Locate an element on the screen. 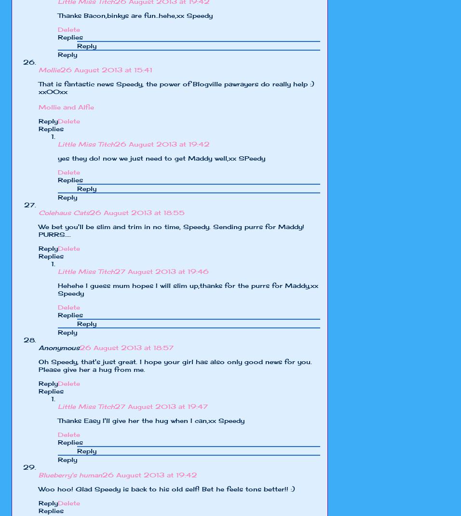 Image resolution: width=461 pixels, height=516 pixels. 'Colehaus Cats' is located at coordinates (64, 212).